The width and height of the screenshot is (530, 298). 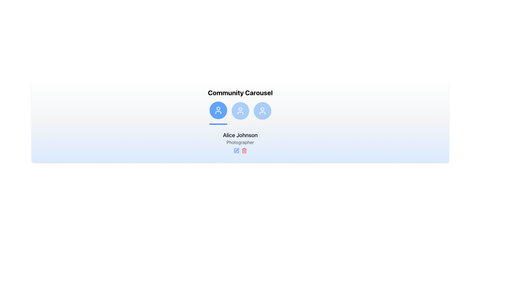 I want to click on the third circular button in the carousel interface using keyboard tabbing, so click(x=262, y=111).